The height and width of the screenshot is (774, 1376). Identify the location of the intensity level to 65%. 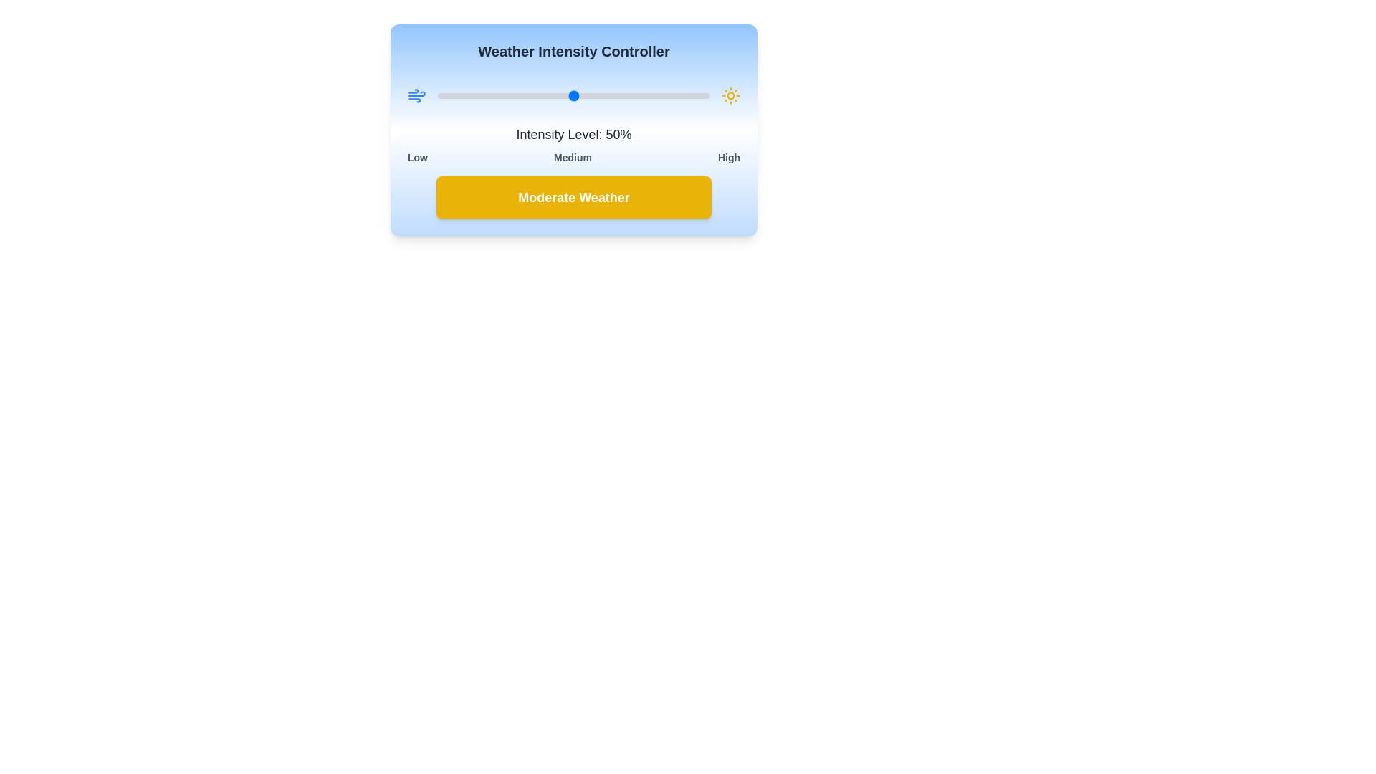
(614, 96).